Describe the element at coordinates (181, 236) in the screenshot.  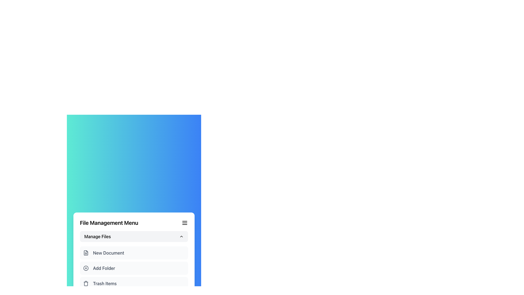
I see `the upward-facing chevron icon located at the far right of the 'Manage Files' menu entry` at that location.